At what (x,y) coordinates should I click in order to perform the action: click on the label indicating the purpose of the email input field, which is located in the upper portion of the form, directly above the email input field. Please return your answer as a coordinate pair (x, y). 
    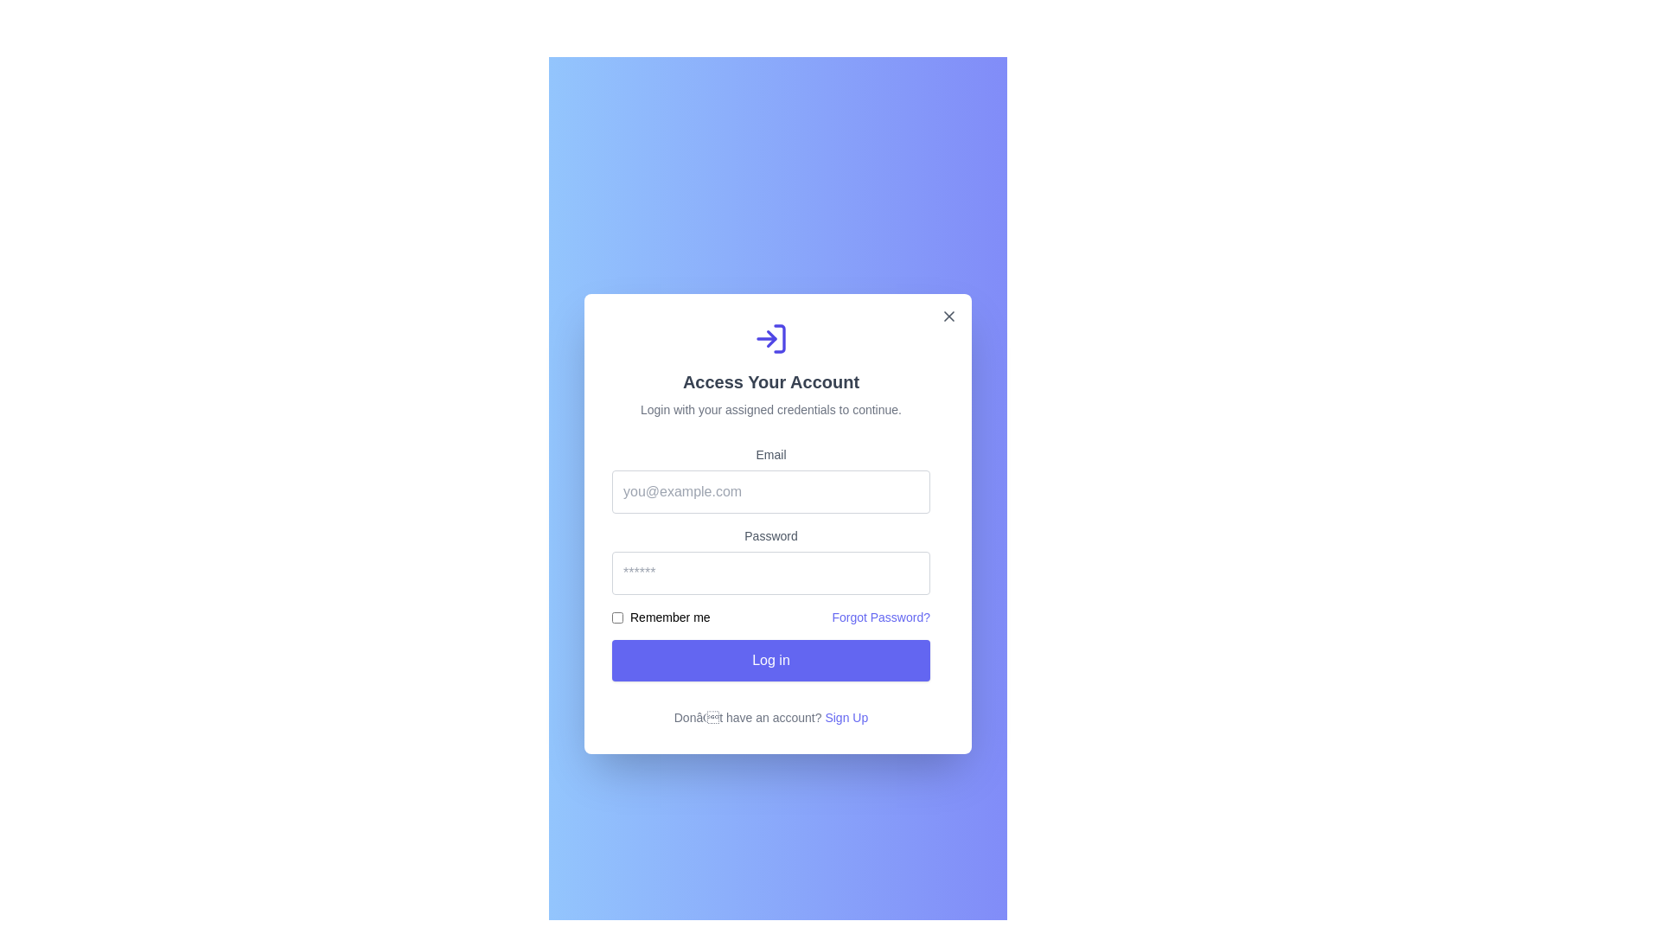
    Looking at the image, I should click on (770, 453).